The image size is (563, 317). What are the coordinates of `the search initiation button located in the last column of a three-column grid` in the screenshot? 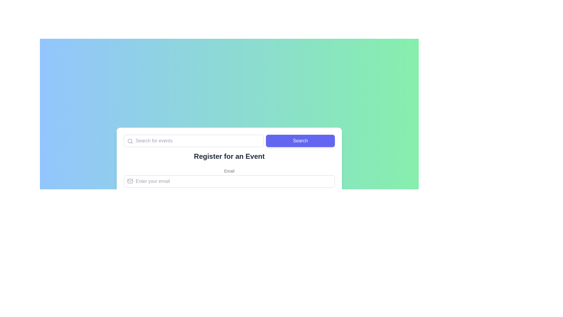 It's located at (300, 141).